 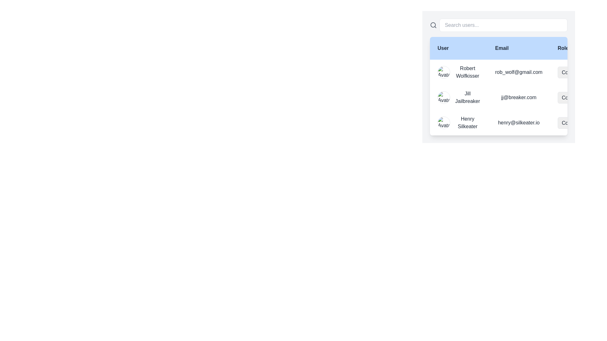 I want to click on the small circular avatar image with a border that contains an incomplete image icon and the text 'Avatar', located in the leftmost position of a horizontal group including the text label 'Henry Silkeater', so click(x=443, y=123).